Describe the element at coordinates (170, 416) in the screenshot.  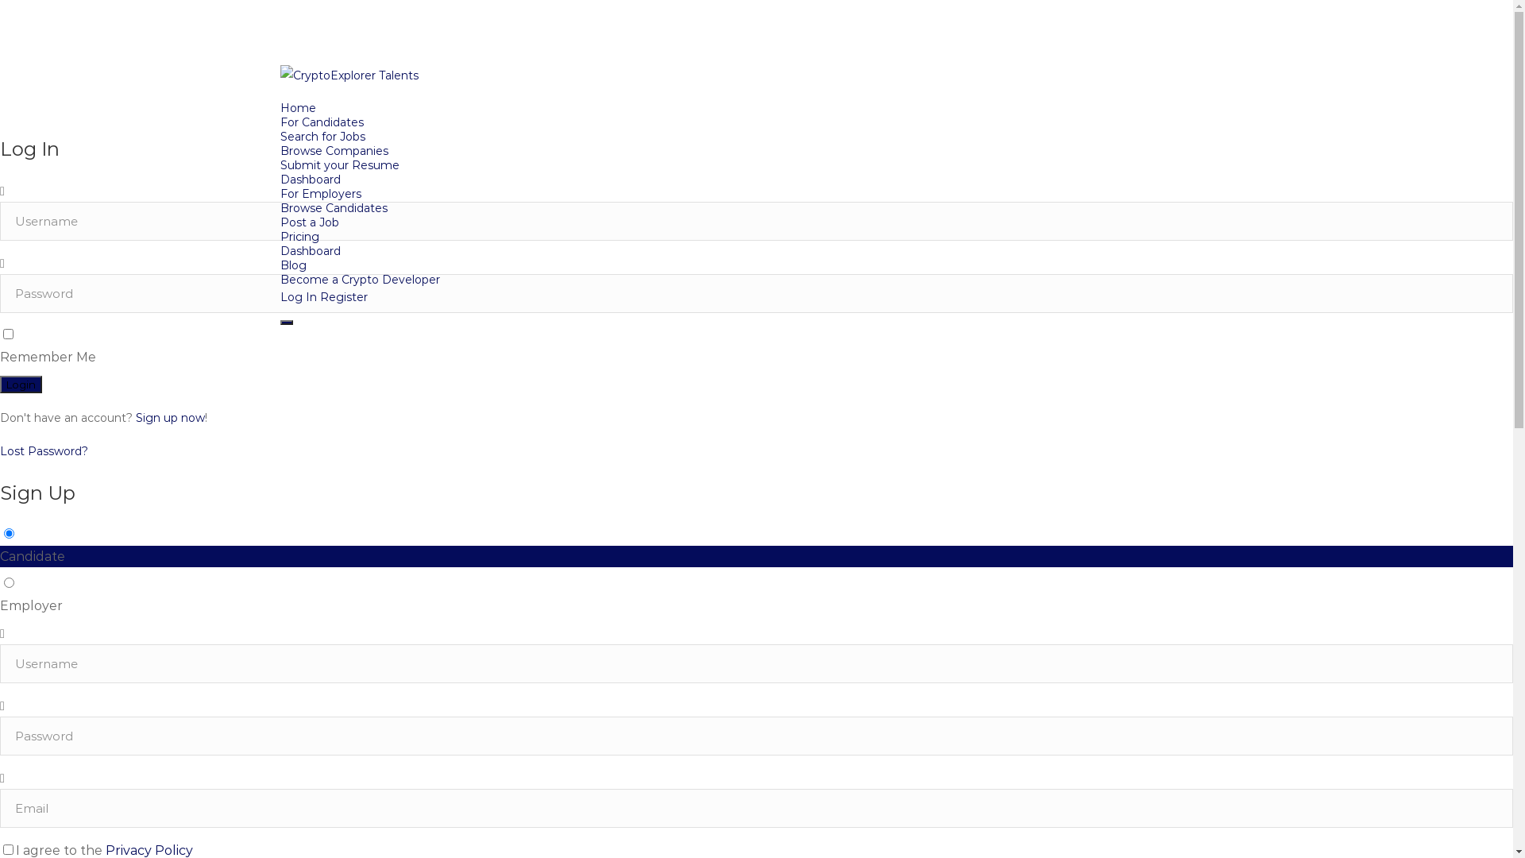
I see `'Sign up now'` at that location.